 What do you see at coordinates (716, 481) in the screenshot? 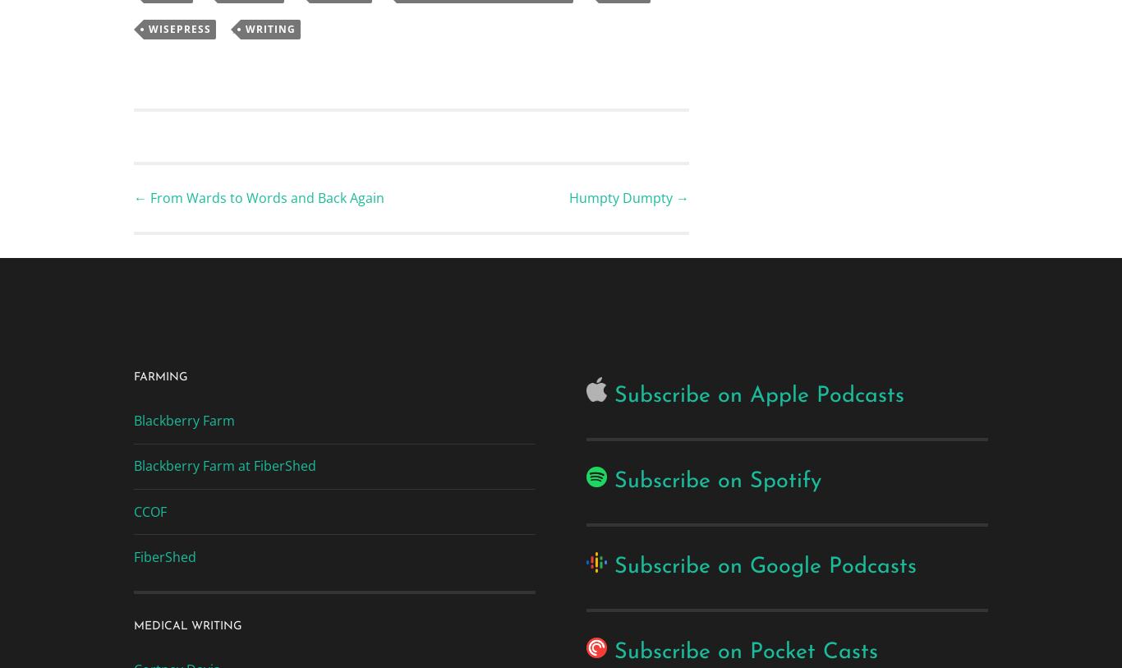
I see `'Subscribe on Spotify'` at bounding box center [716, 481].